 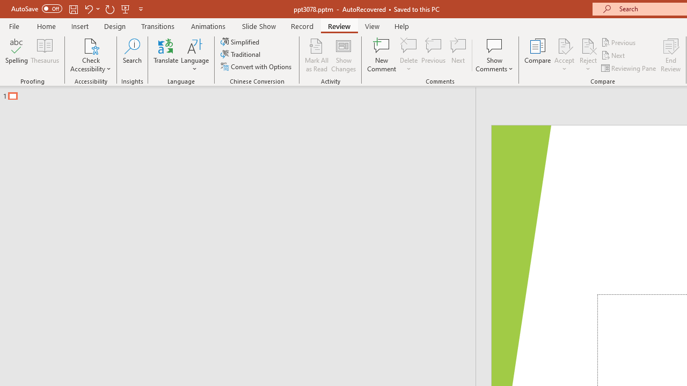 I want to click on 'Reviewing Pane', so click(x=630, y=68).